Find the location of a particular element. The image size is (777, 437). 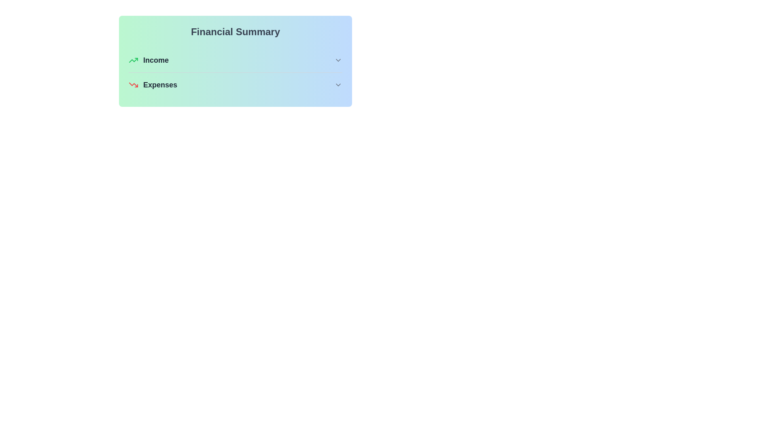

the 'Expenses' text in the second list item of the 'Financial Summary' panel, which features a red downward-trending arrow icon on the left is located at coordinates (153, 85).